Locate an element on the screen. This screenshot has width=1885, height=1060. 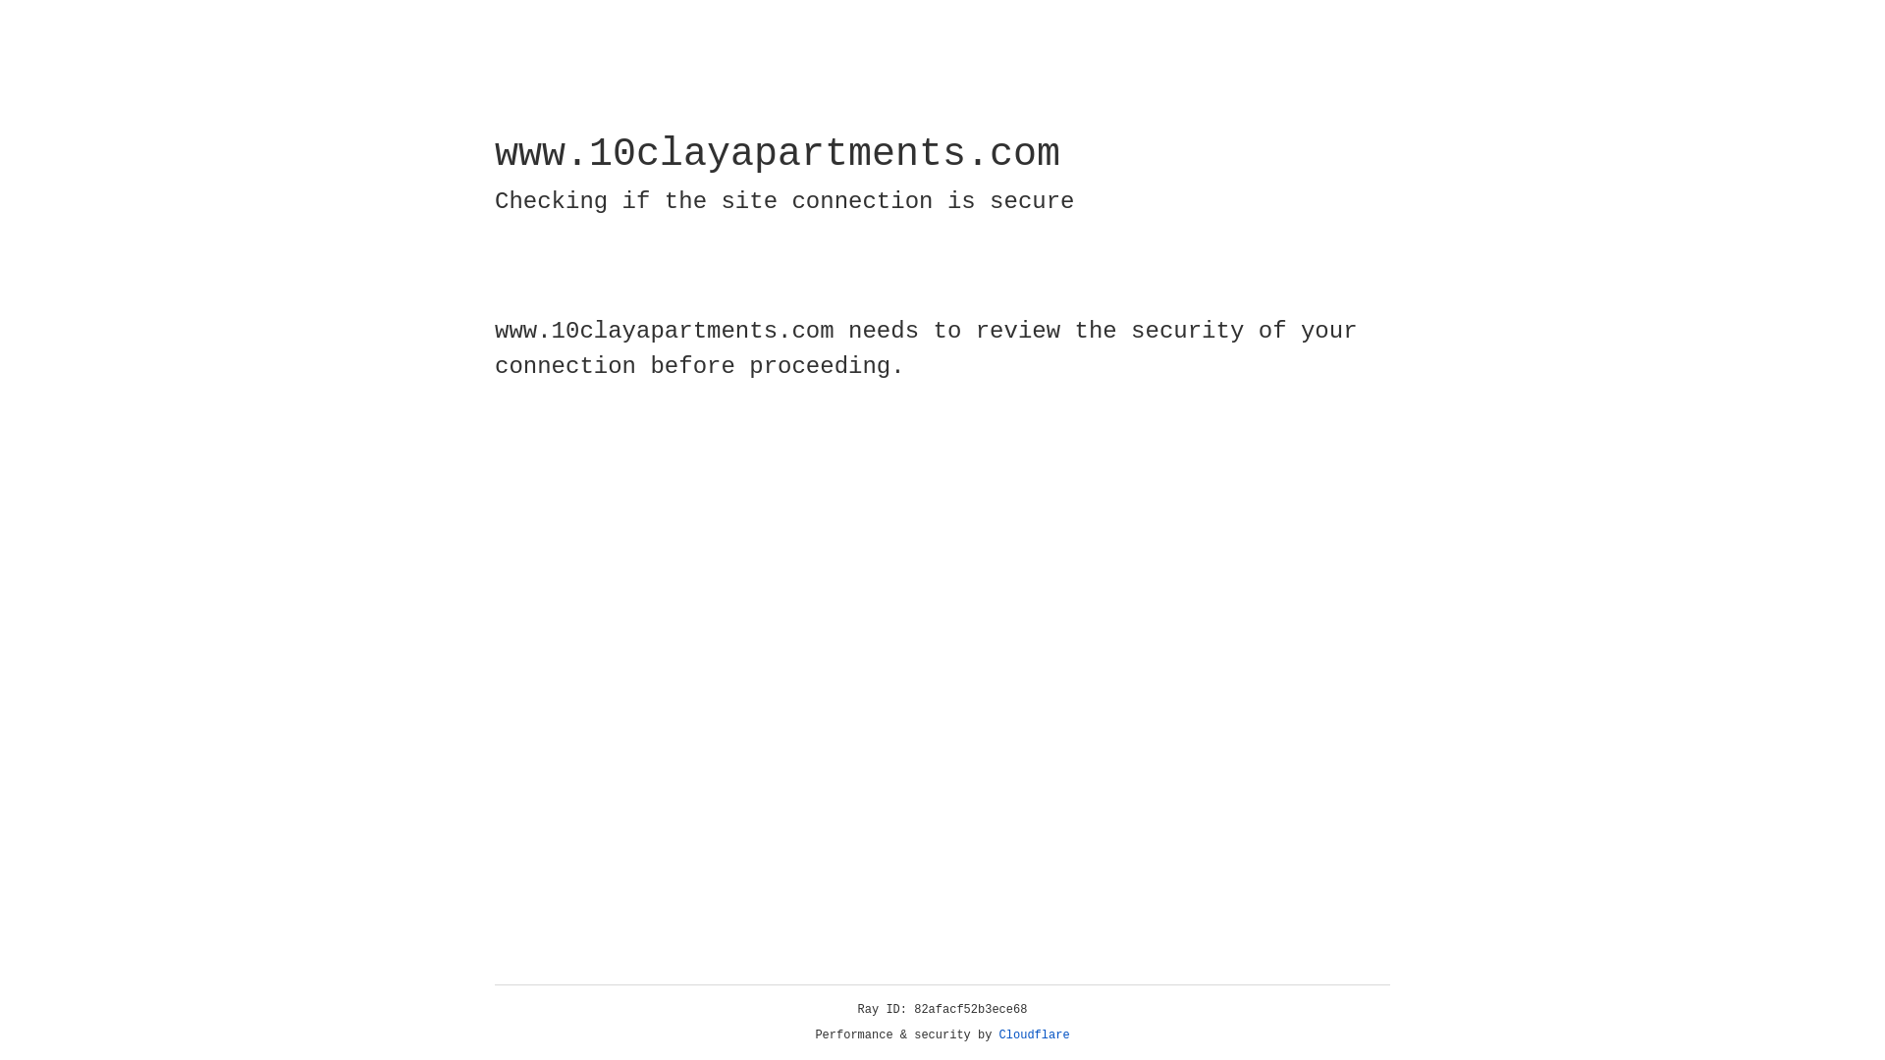
'Cloudflare' is located at coordinates (1034, 1034).